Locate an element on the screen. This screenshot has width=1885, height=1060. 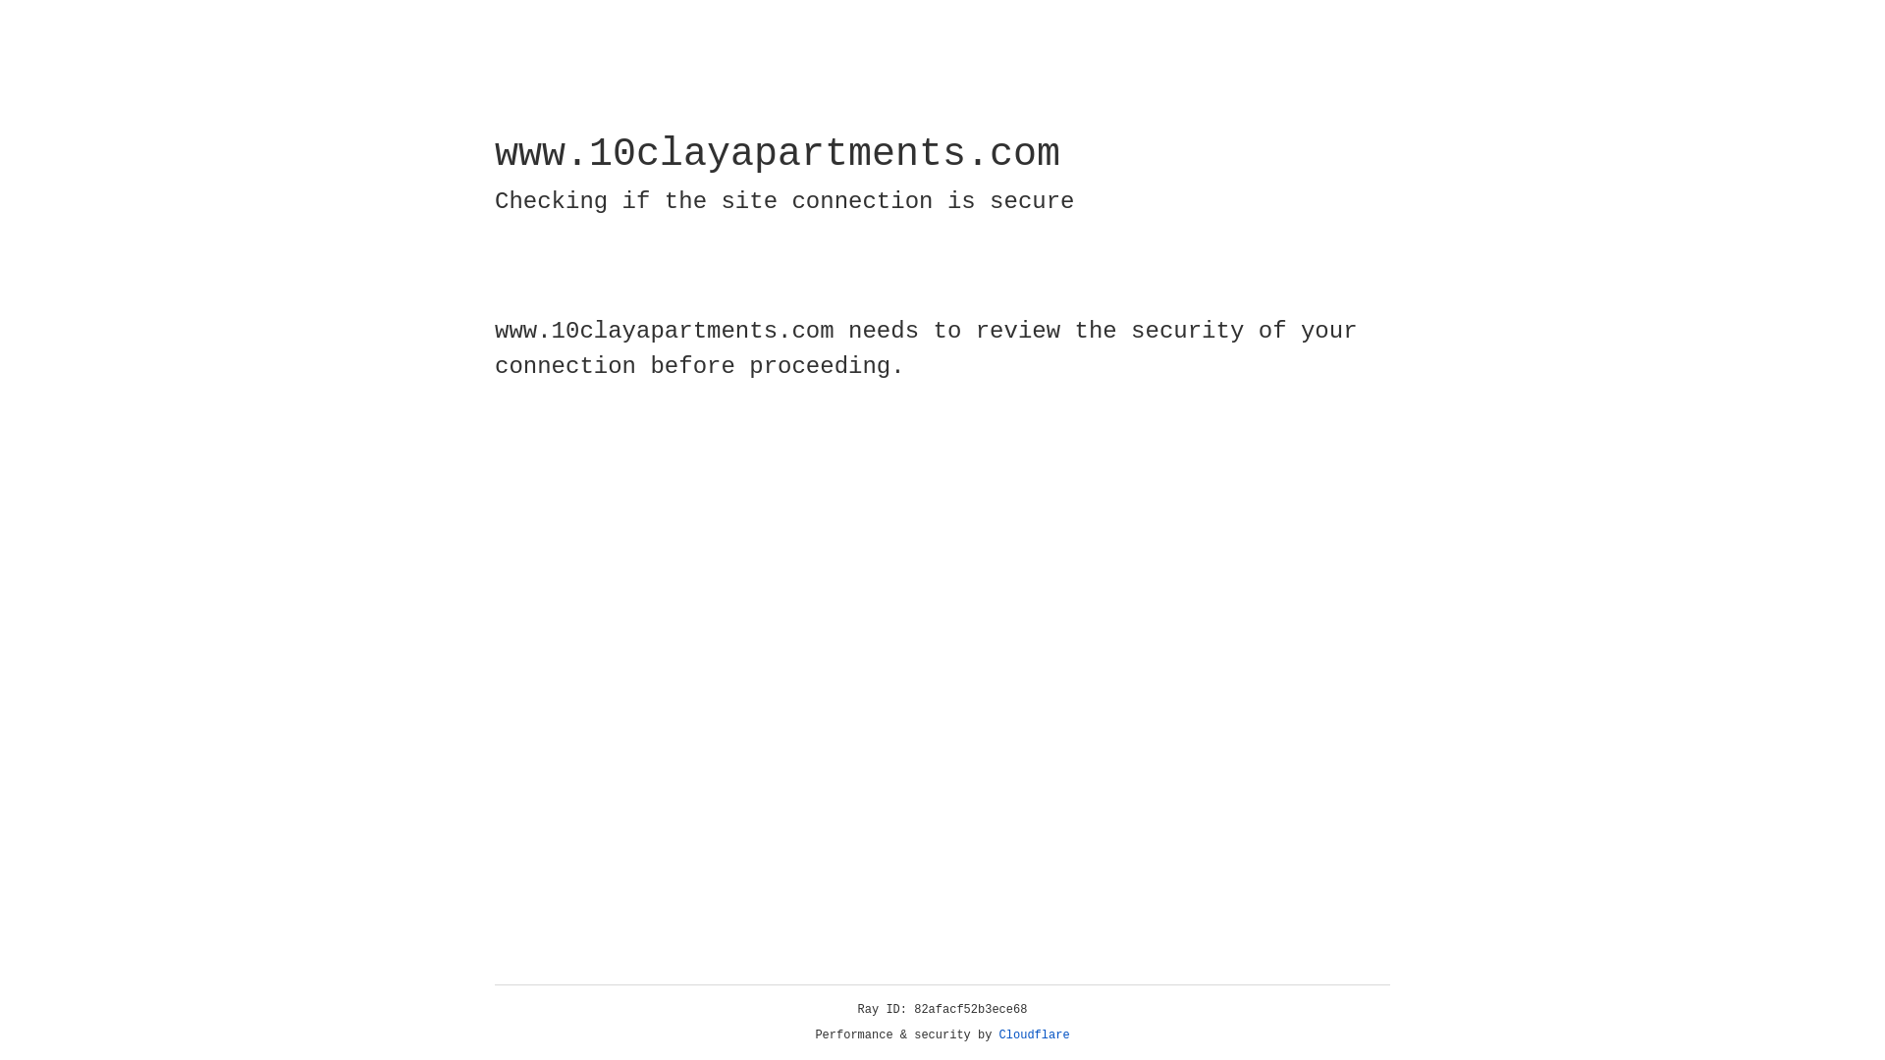
'Cloudflare' is located at coordinates (1034, 1034).